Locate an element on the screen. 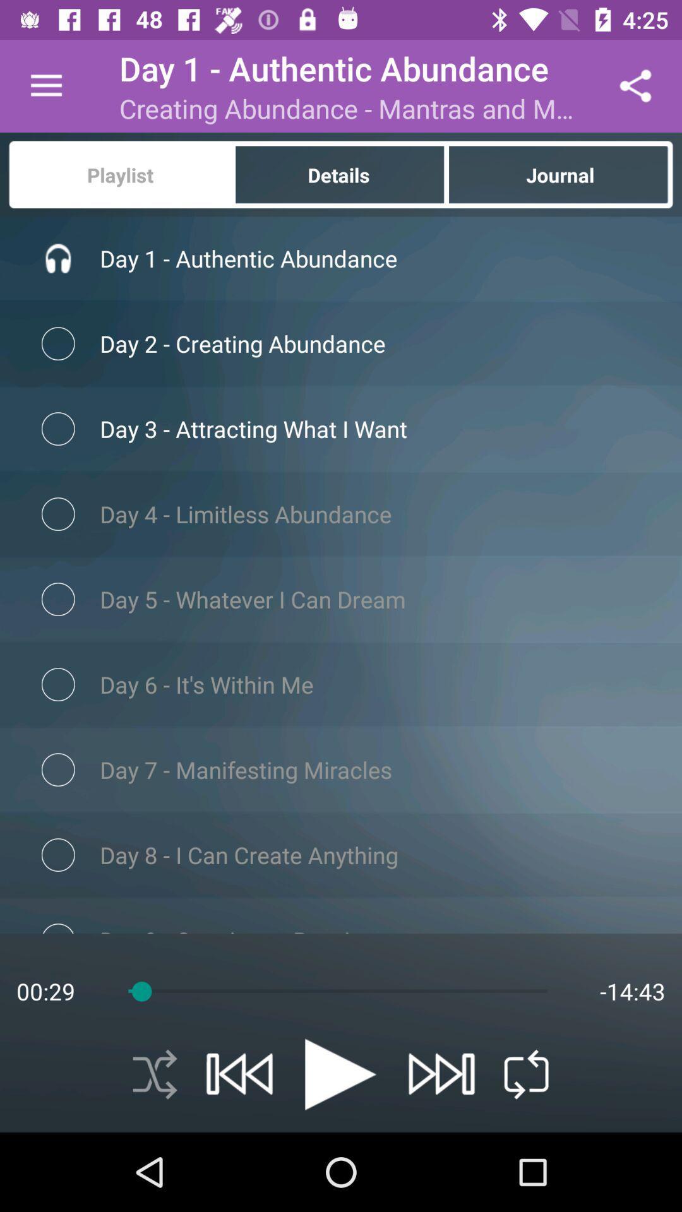 This screenshot has height=1212, width=682. the play icon is located at coordinates (340, 1074).